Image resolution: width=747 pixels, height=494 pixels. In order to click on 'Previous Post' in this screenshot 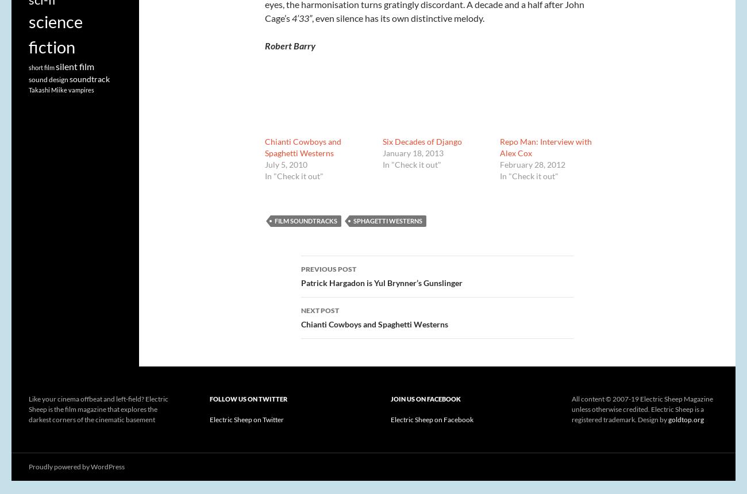, I will do `click(328, 269)`.